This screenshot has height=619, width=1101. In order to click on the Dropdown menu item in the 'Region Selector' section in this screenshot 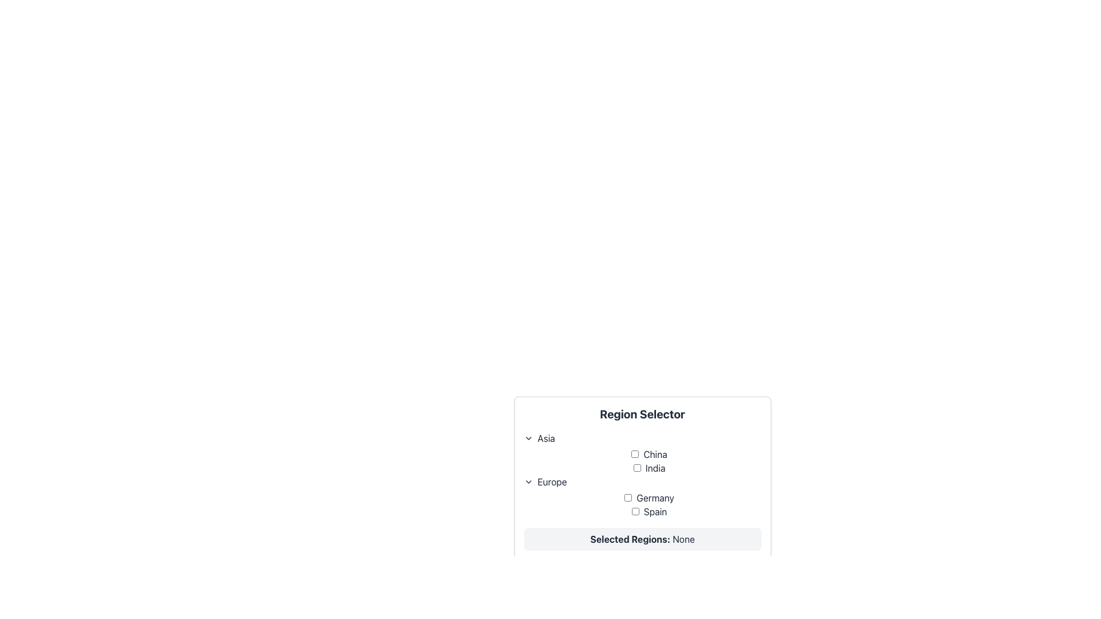, I will do `click(642, 438)`.